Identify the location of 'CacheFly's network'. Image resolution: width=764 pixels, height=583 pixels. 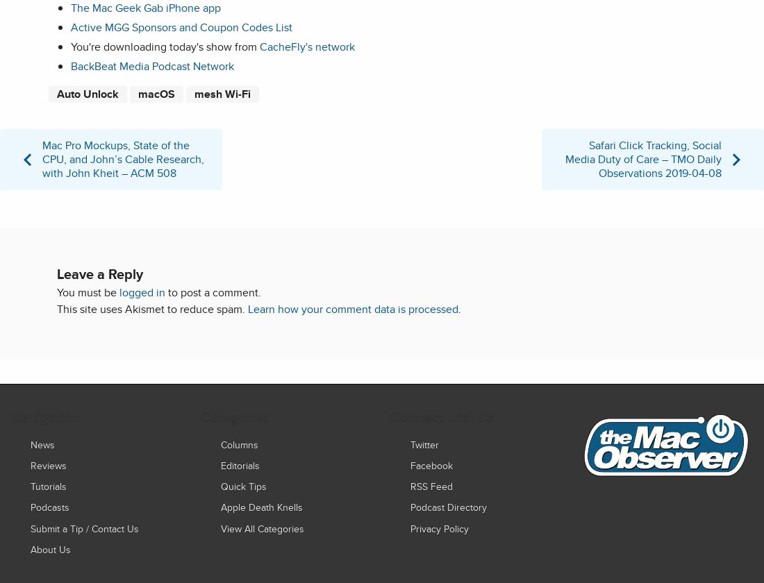
(306, 47).